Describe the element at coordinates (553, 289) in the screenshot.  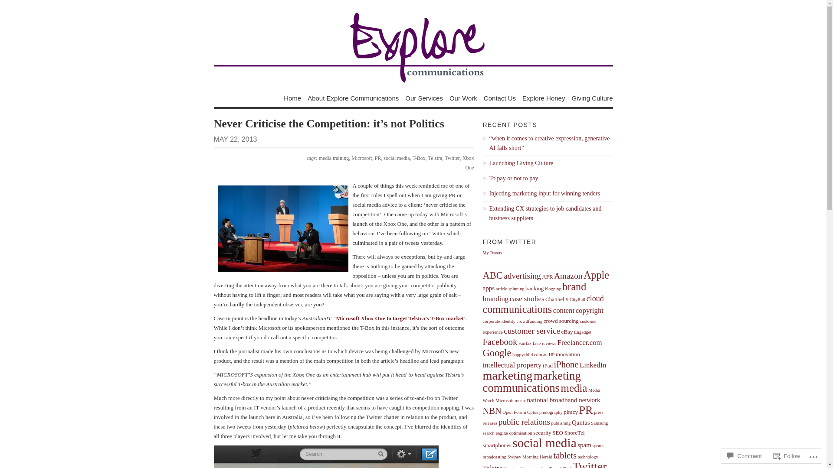
I see `'blogging'` at that location.